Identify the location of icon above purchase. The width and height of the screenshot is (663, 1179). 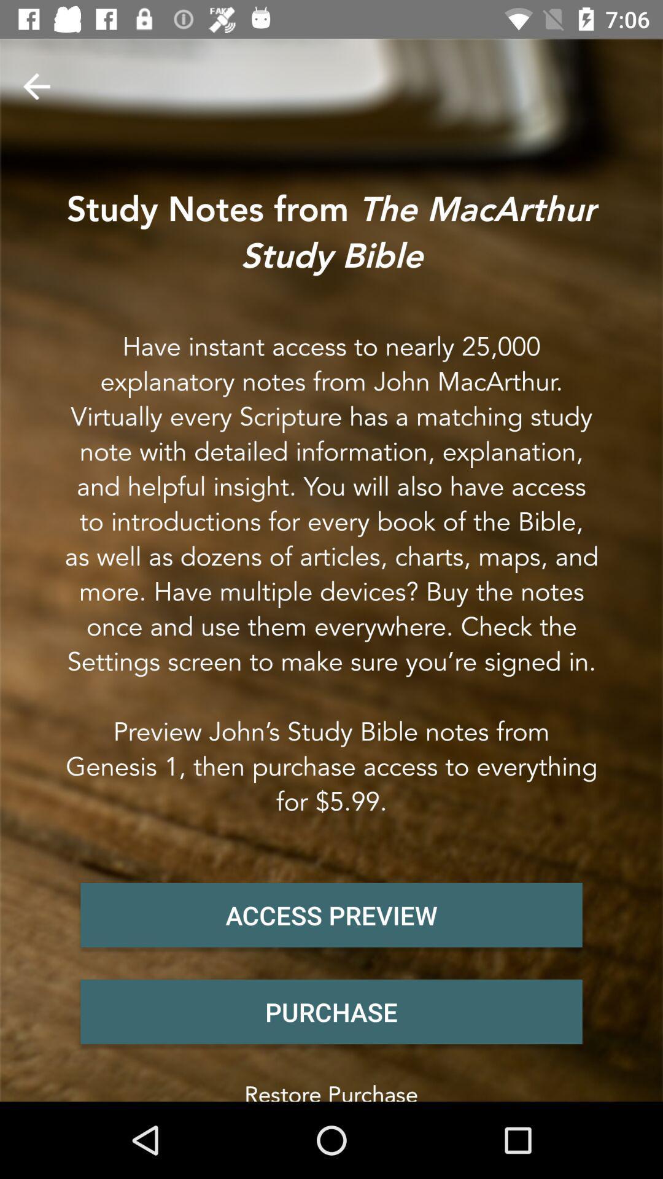
(331, 915).